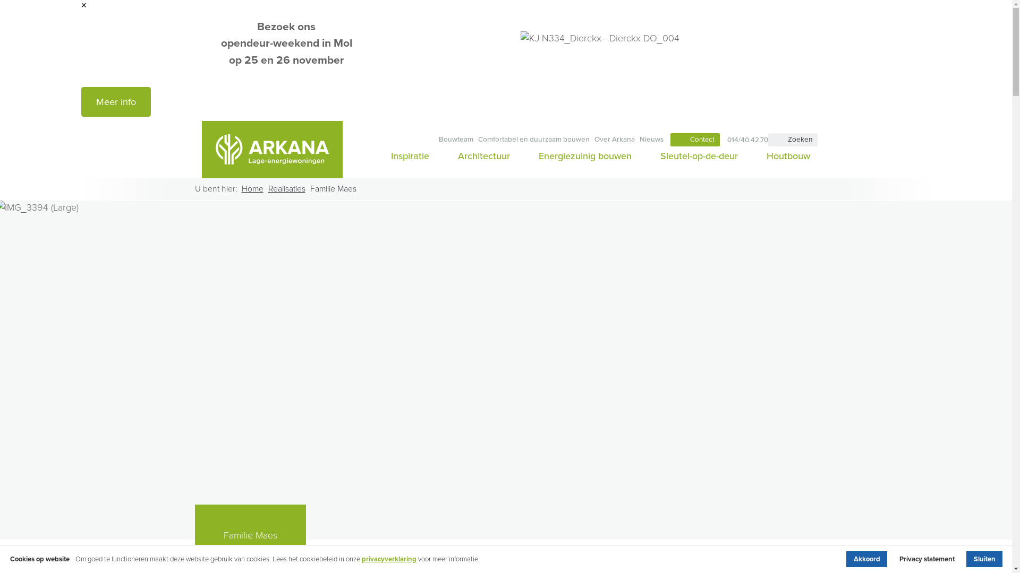 The height and width of the screenshot is (573, 1020). Describe the element at coordinates (584, 156) in the screenshot. I see `'Energiezuinig bouwen'` at that location.